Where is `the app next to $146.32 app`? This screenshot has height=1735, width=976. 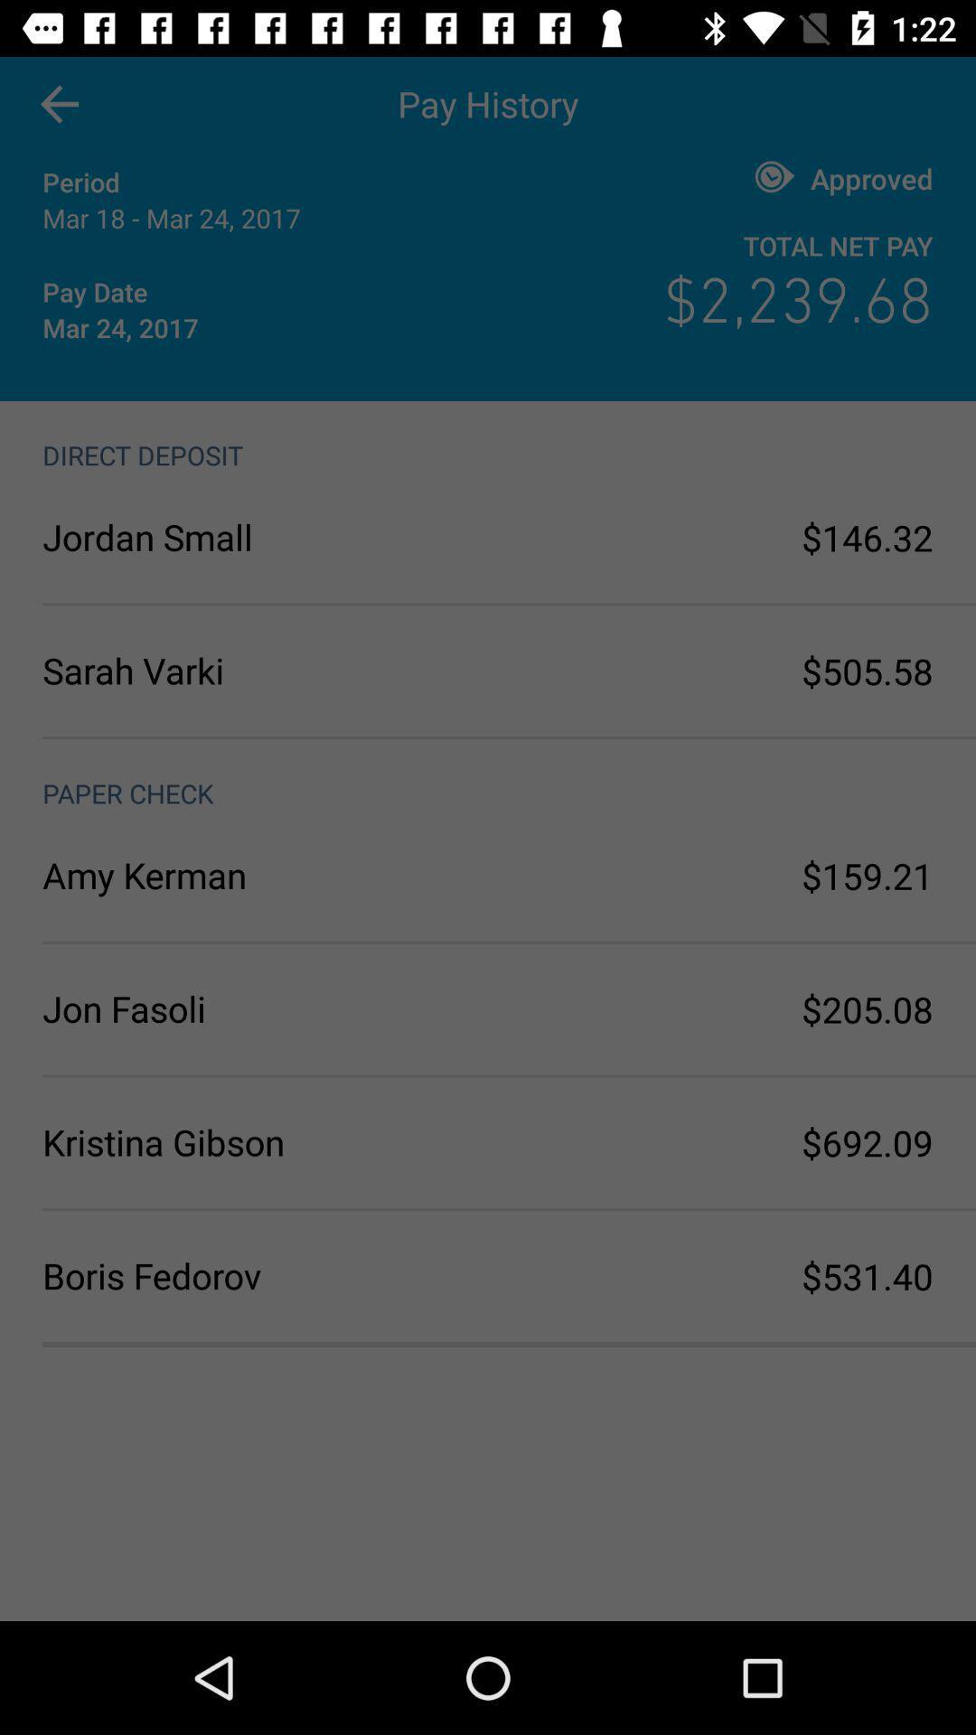
the app next to $146.32 app is located at coordinates (265, 536).